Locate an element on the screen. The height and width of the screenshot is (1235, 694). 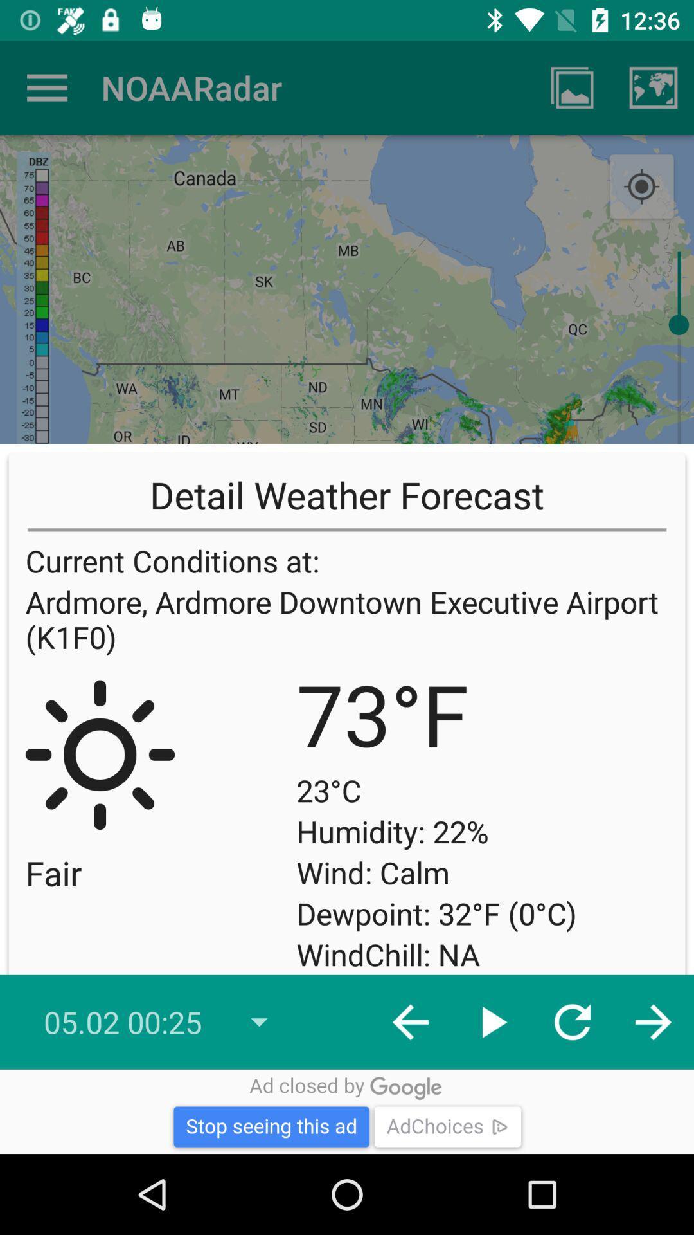
stop seeing this advertisement is located at coordinates (347, 1111).